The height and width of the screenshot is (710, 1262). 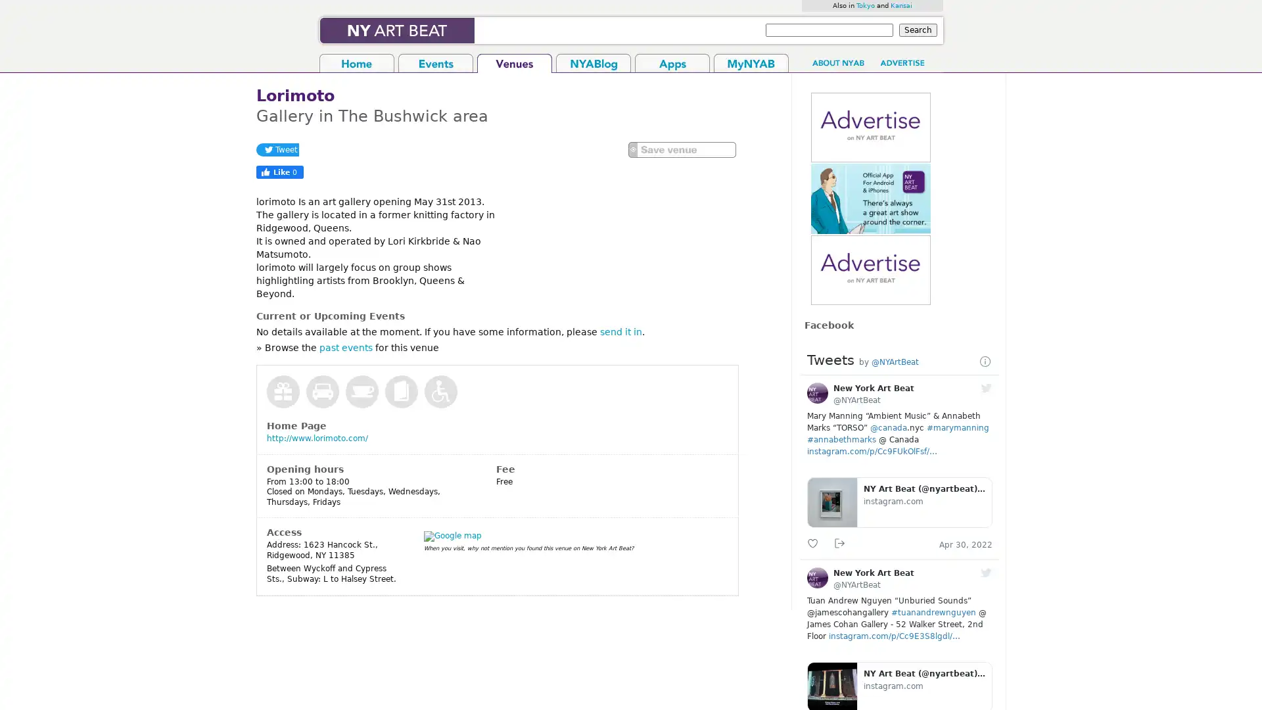 I want to click on Search, so click(x=917, y=30).